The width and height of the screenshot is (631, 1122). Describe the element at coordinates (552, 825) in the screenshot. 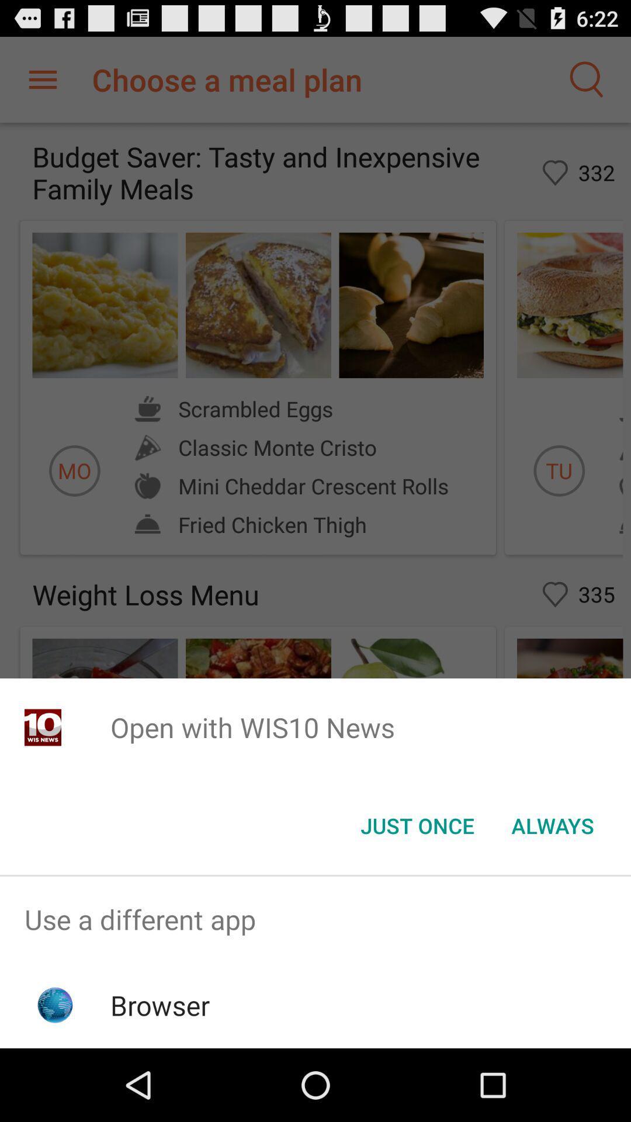

I see `the item at the bottom right corner` at that location.